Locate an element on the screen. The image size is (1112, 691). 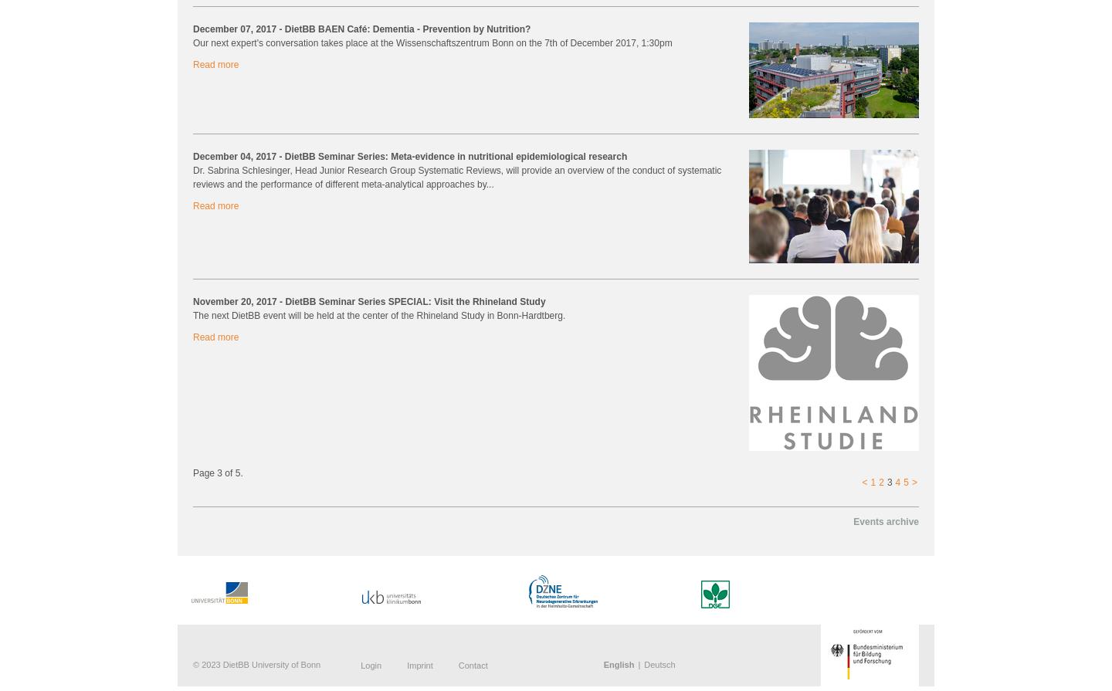
'Deutsch' is located at coordinates (644, 663).